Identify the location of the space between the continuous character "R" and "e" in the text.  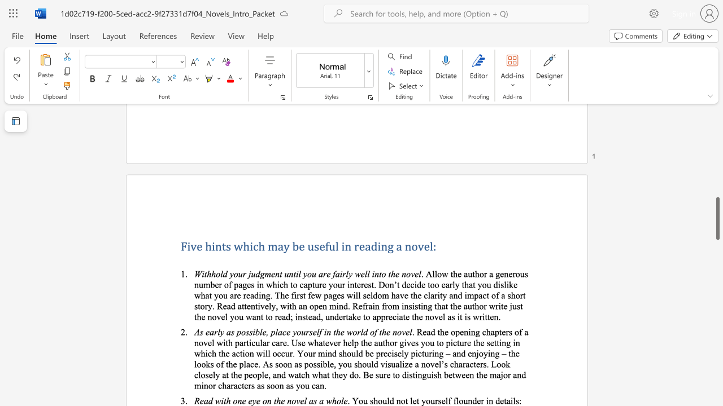
(199, 400).